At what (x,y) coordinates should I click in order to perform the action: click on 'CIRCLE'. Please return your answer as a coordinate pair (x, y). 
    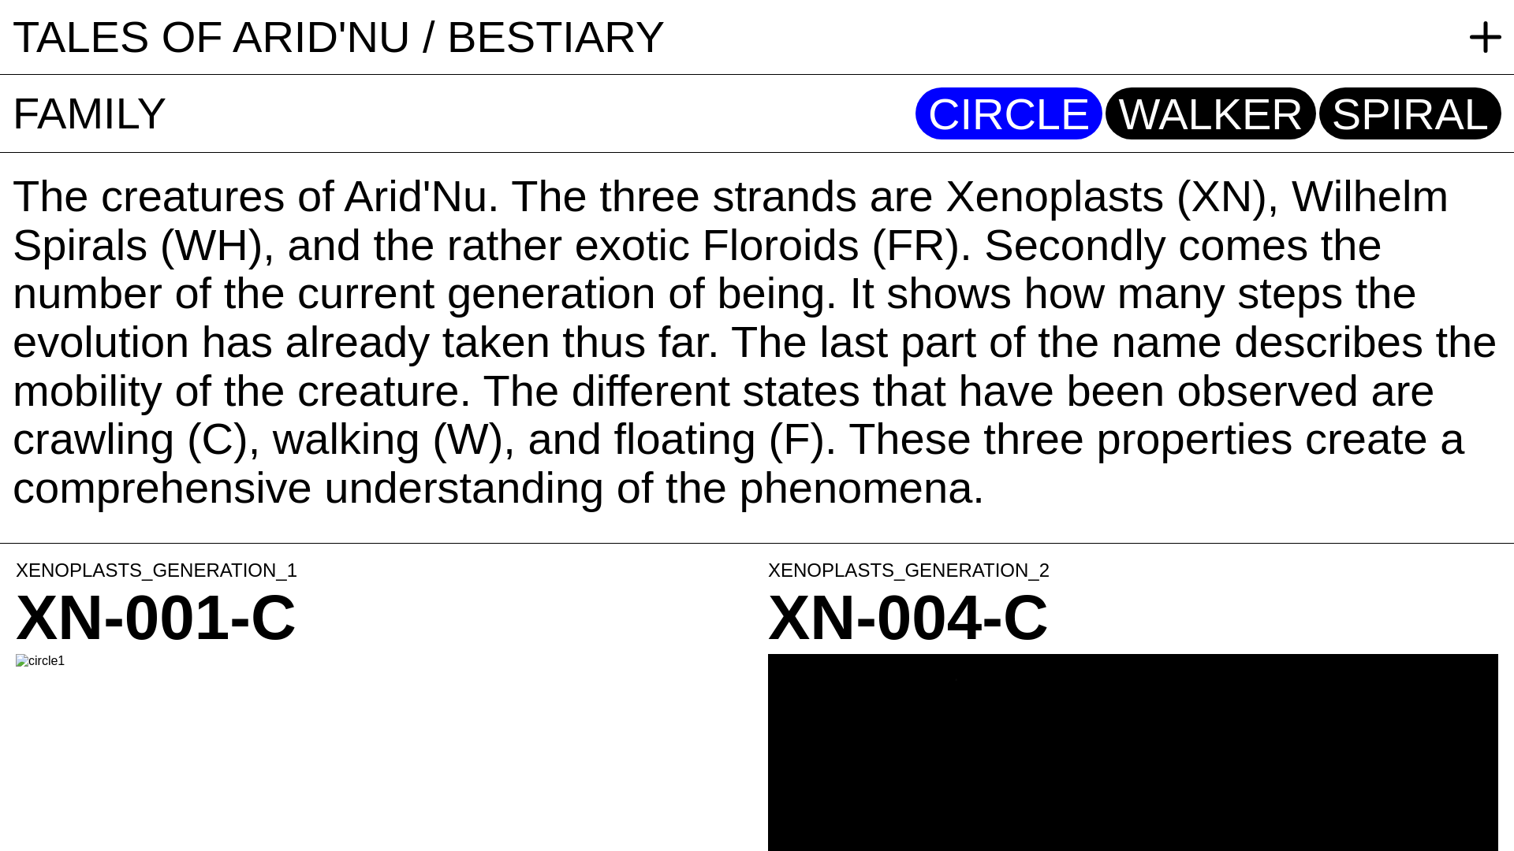
    Looking at the image, I should click on (1008, 113).